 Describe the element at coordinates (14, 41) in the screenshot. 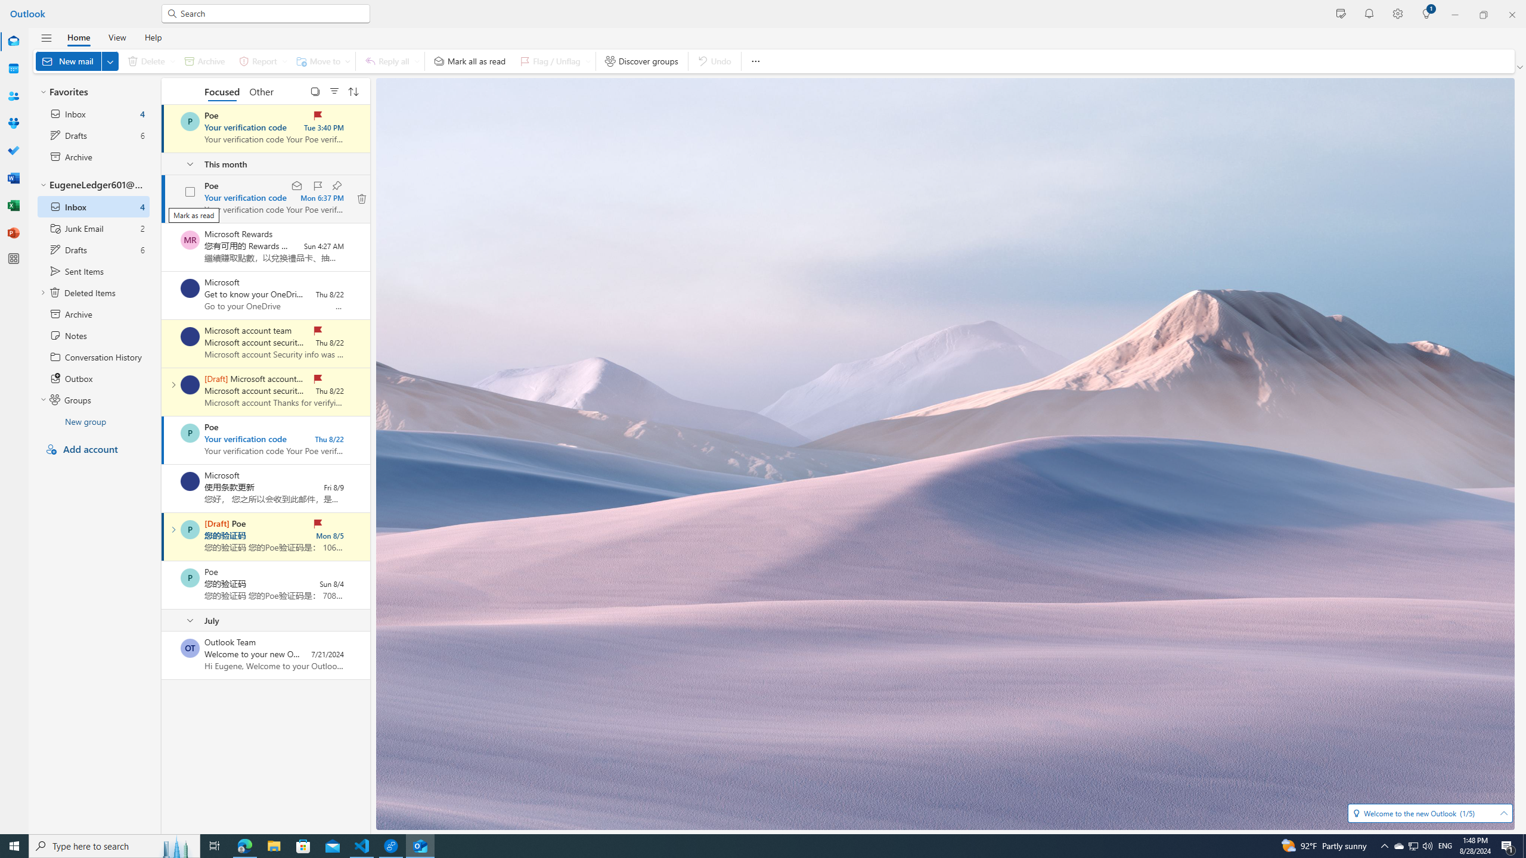

I see `'Mail'` at that location.